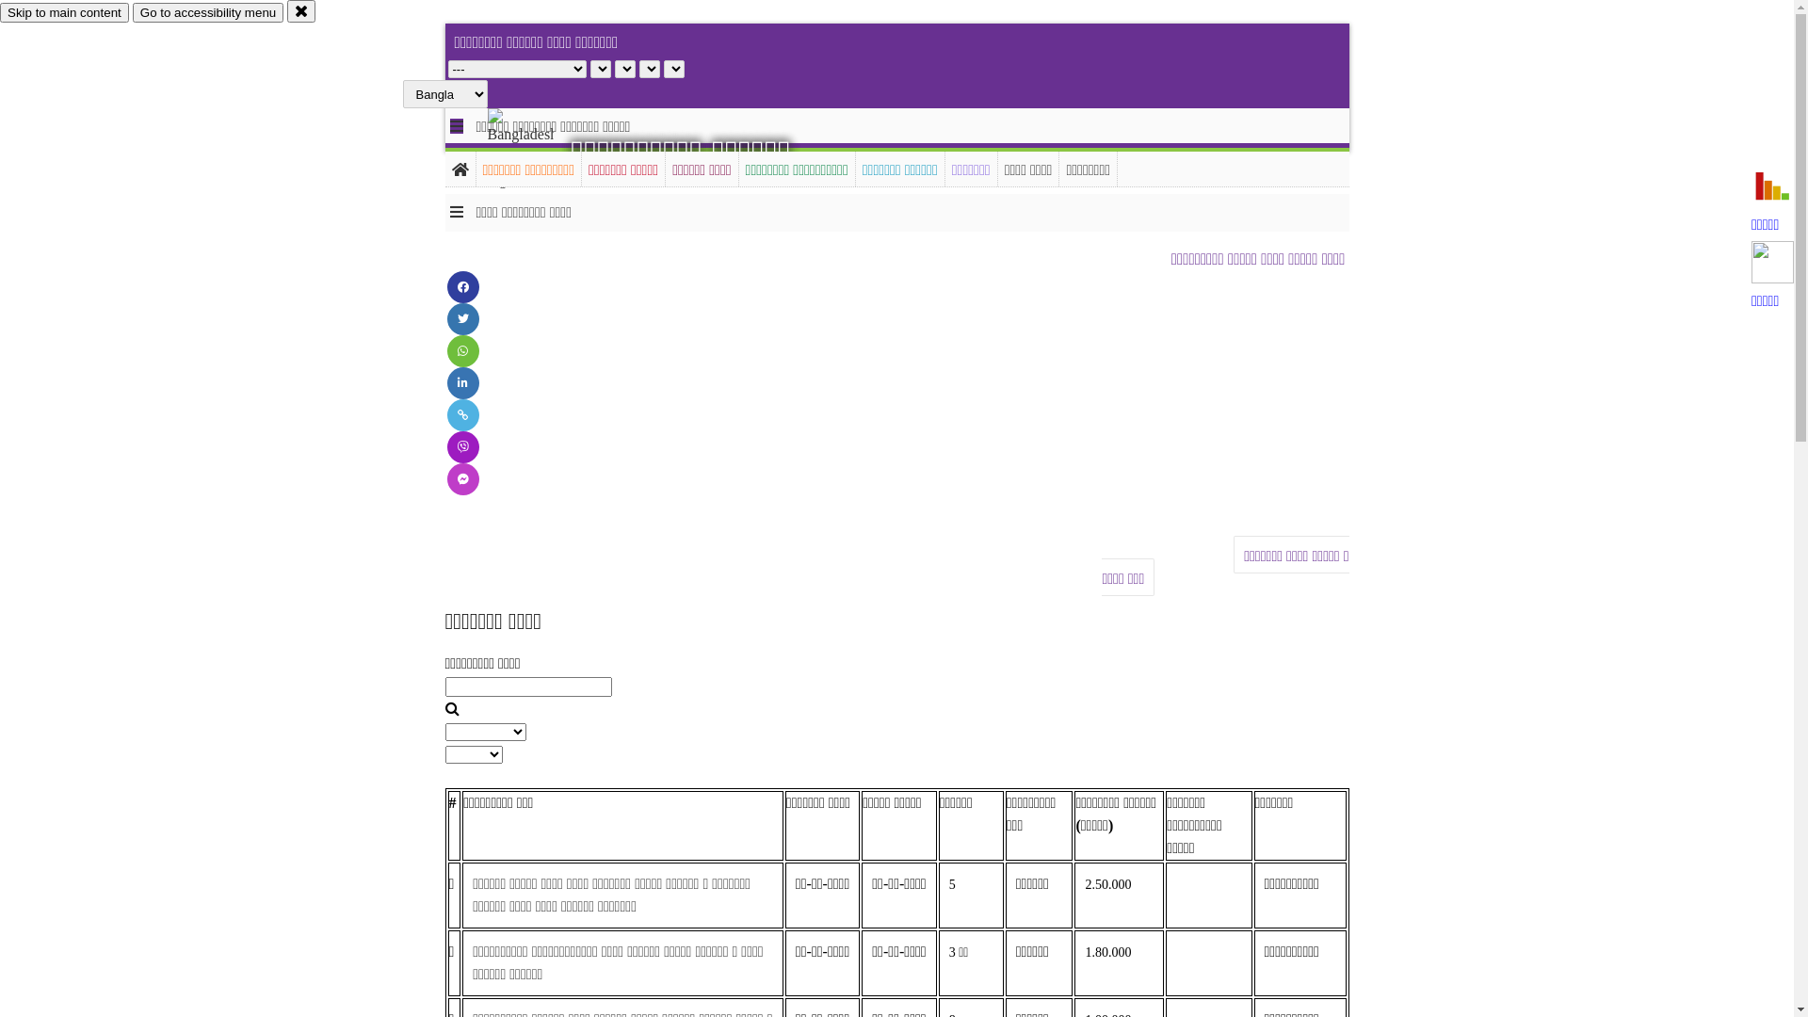  What do you see at coordinates (301, 10) in the screenshot?
I see `'close'` at bounding box center [301, 10].